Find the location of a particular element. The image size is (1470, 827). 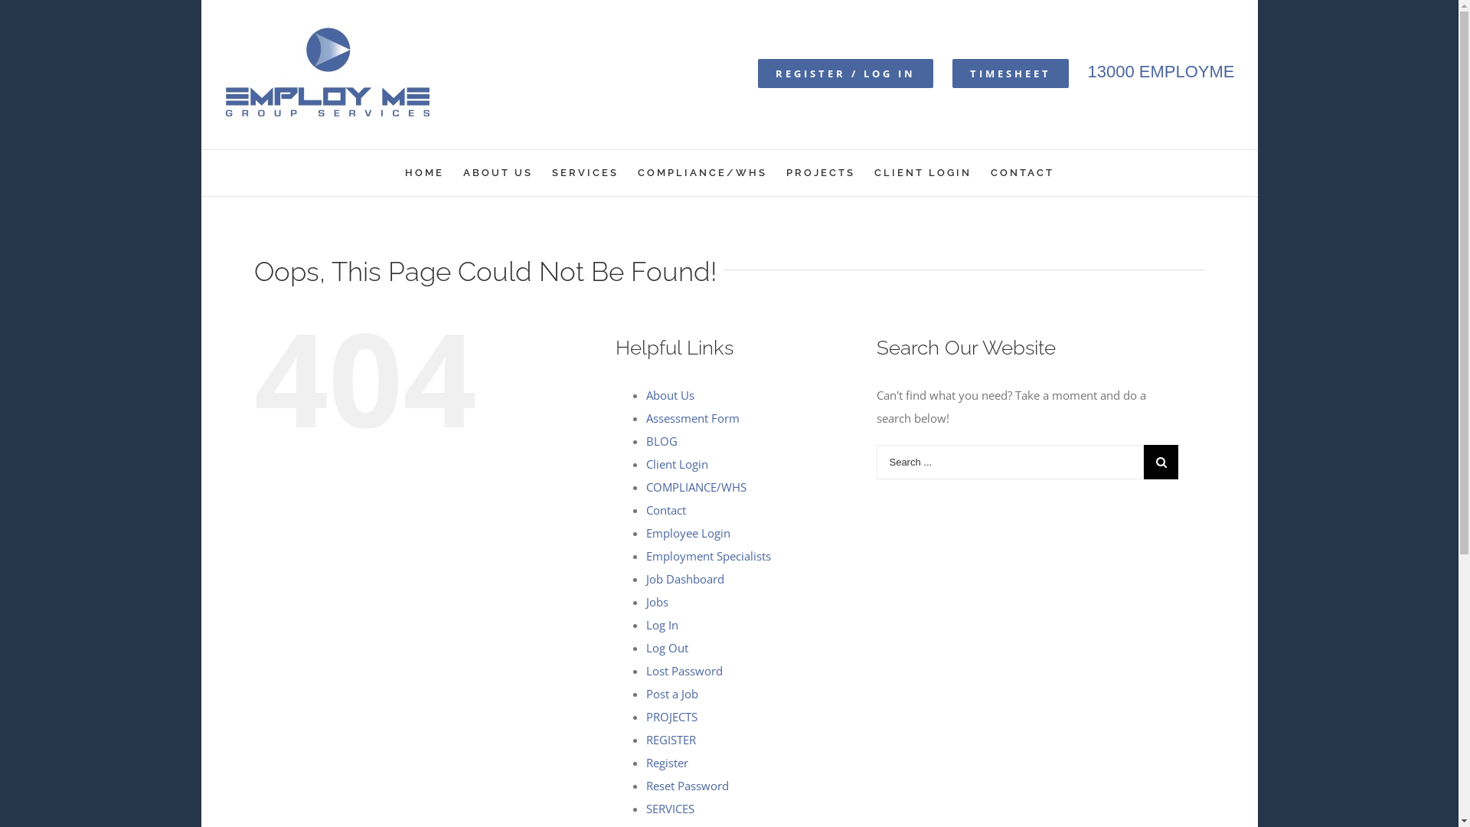

'SERVICES' is located at coordinates (670, 808).